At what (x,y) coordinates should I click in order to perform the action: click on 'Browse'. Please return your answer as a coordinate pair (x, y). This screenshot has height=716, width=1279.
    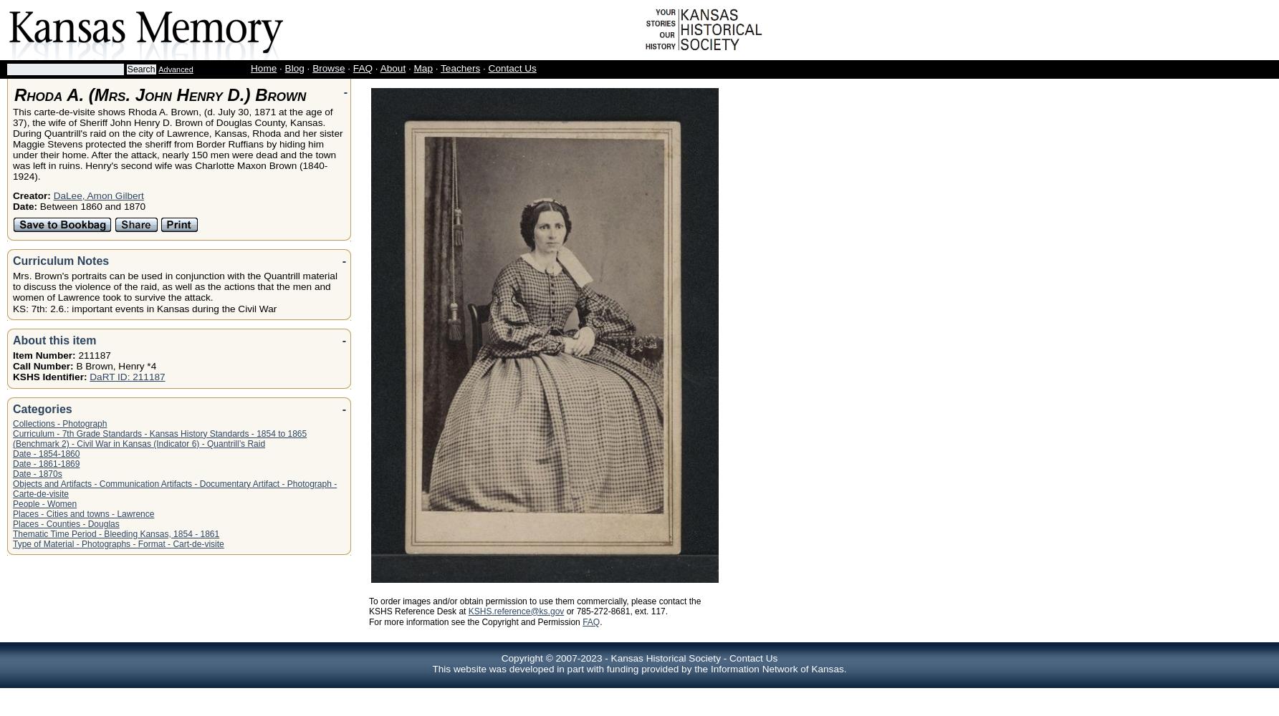
    Looking at the image, I should click on (327, 67).